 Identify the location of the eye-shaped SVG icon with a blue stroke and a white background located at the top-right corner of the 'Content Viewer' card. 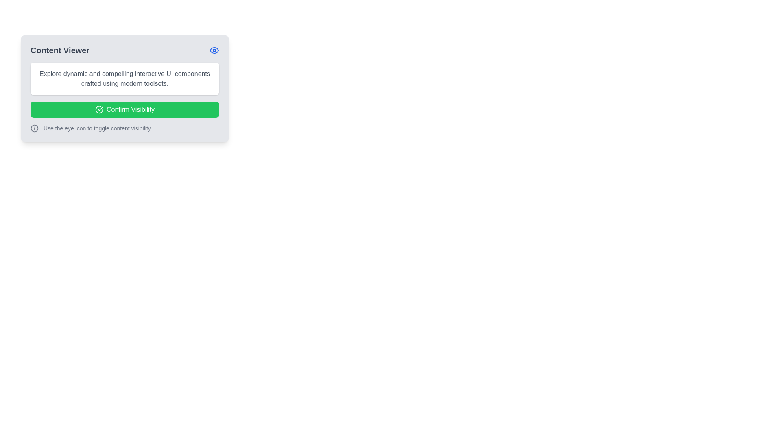
(214, 50).